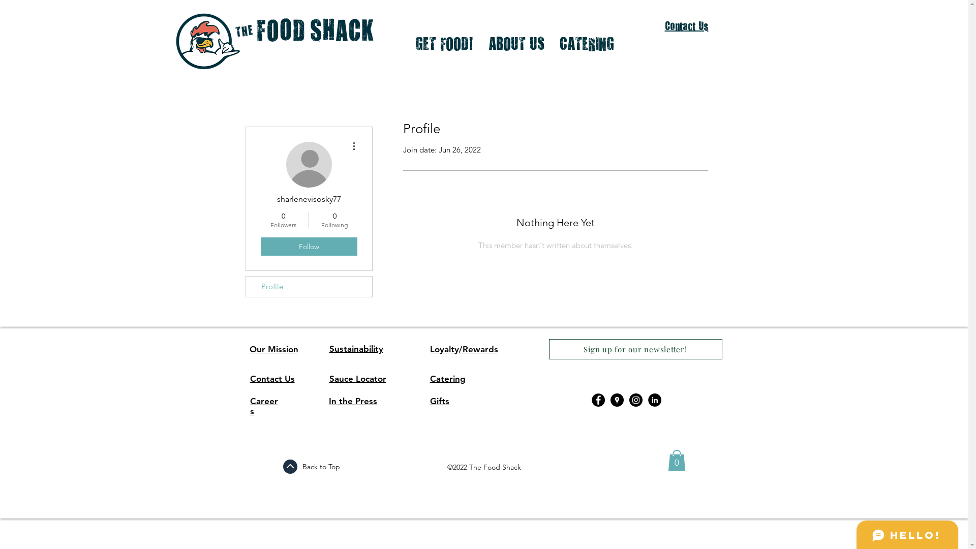  I want to click on '0, so click(283, 219).